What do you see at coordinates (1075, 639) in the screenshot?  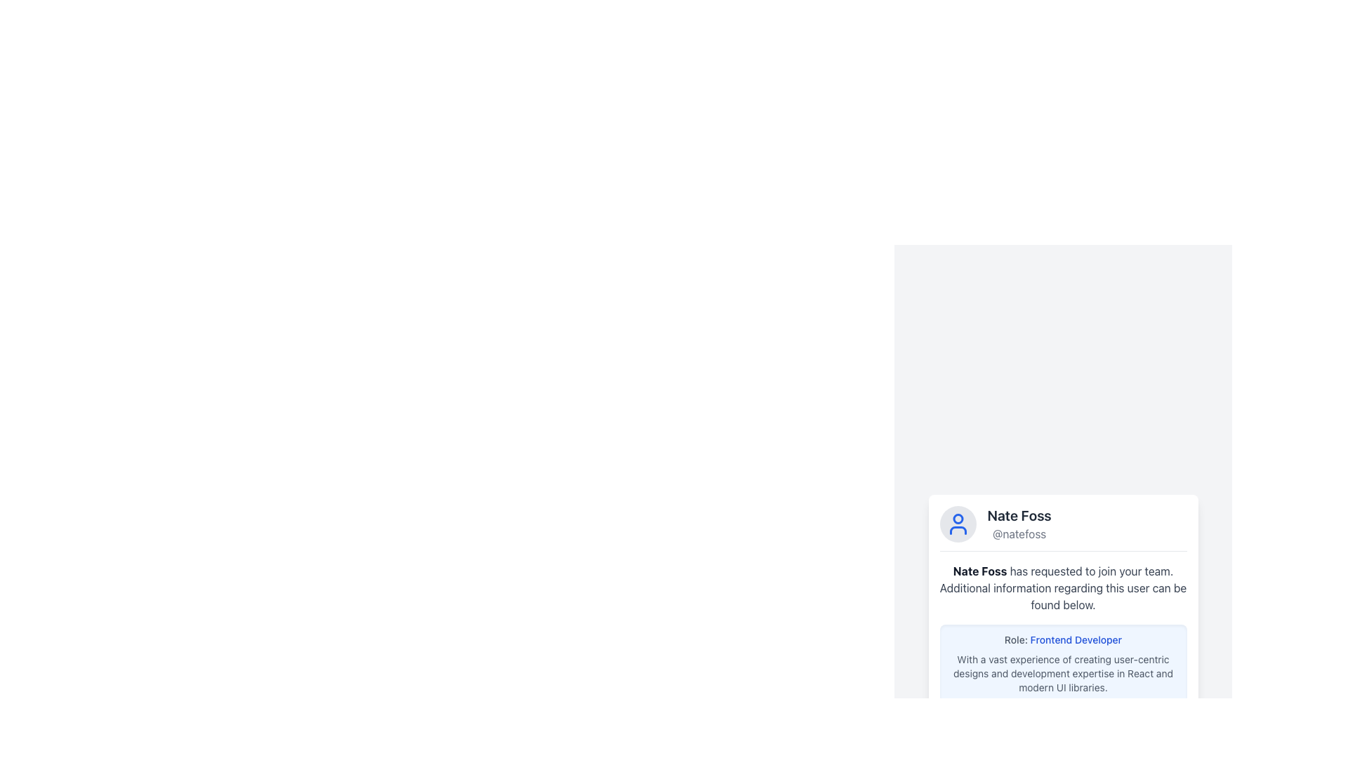 I see `the 'Frontend Developer' text label, which is displayed in blue font and is part of the 'Role:' section in gray, located towards the lower-center of the card layout` at bounding box center [1075, 639].